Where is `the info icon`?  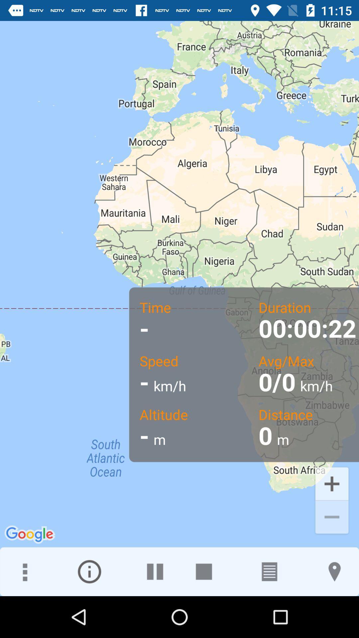 the info icon is located at coordinates (89, 571).